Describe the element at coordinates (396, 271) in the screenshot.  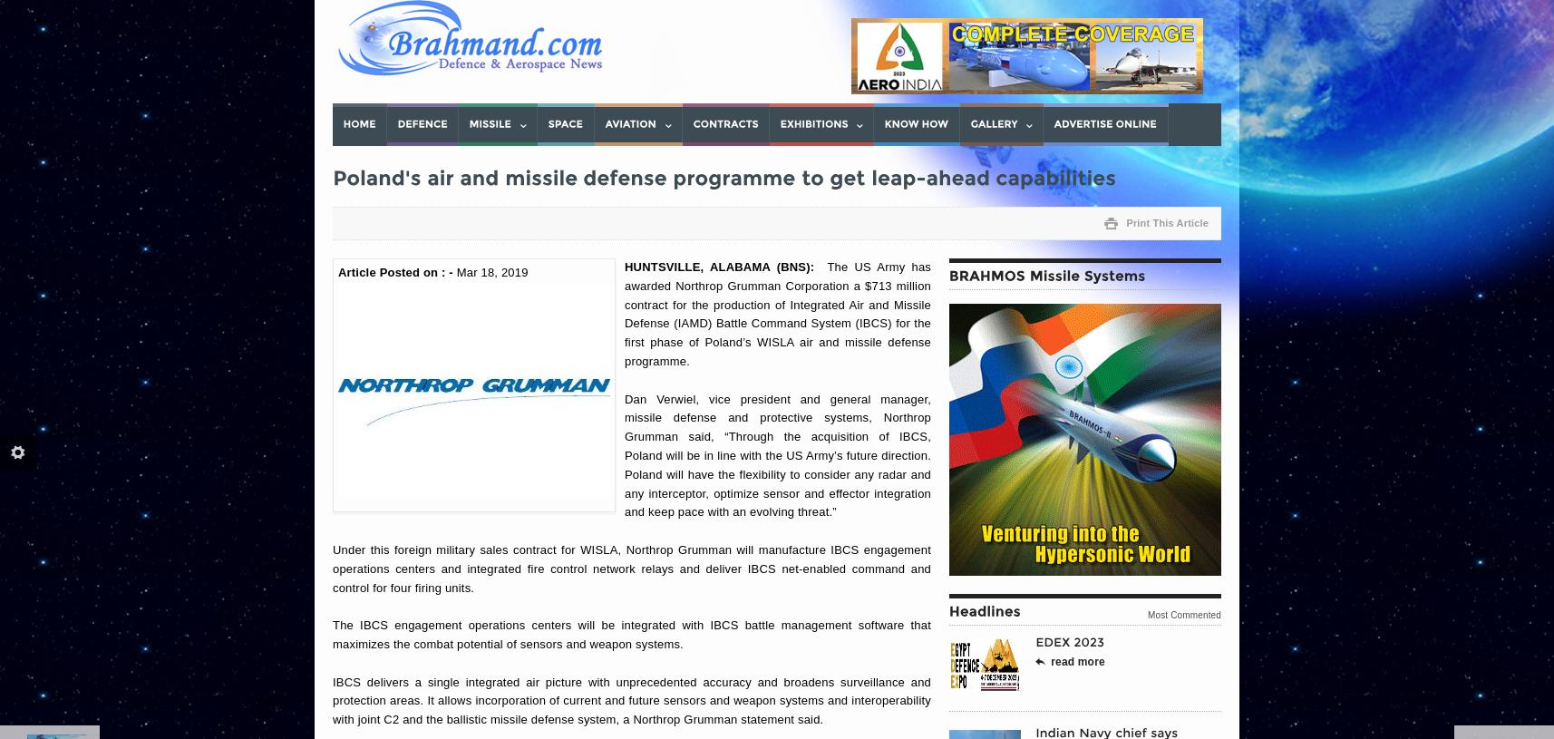
I see `'Article Posted on : -'` at that location.